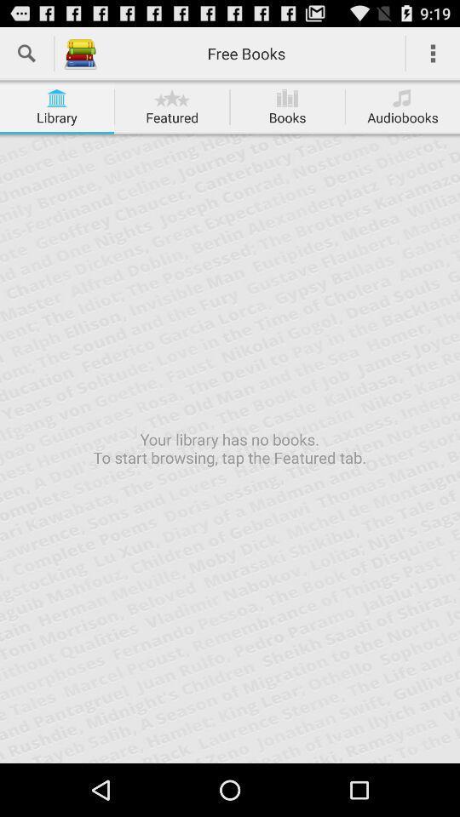 The height and width of the screenshot is (817, 460). What do you see at coordinates (26, 57) in the screenshot?
I see `the search icon` at bounding box center [26, 57].